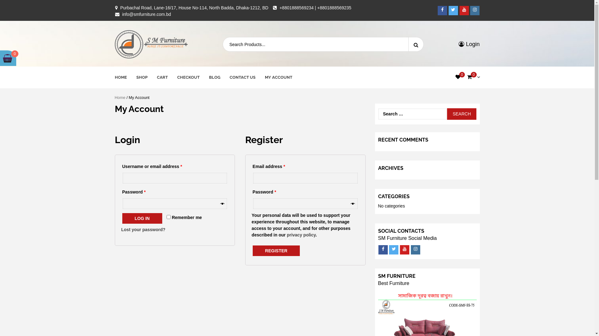 Image resolution: width=599 pixels, height=336 pixels. What do you see at coordinates (474, 10) in the screenshot?
I see `'Instagram'` at bounding box center [474, 10].